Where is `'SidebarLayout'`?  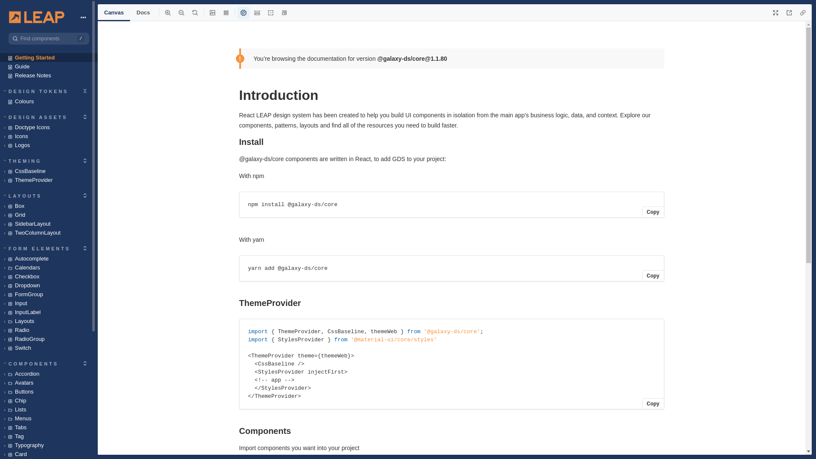
'SidebarLayout' is located at coordinates (0, 223).